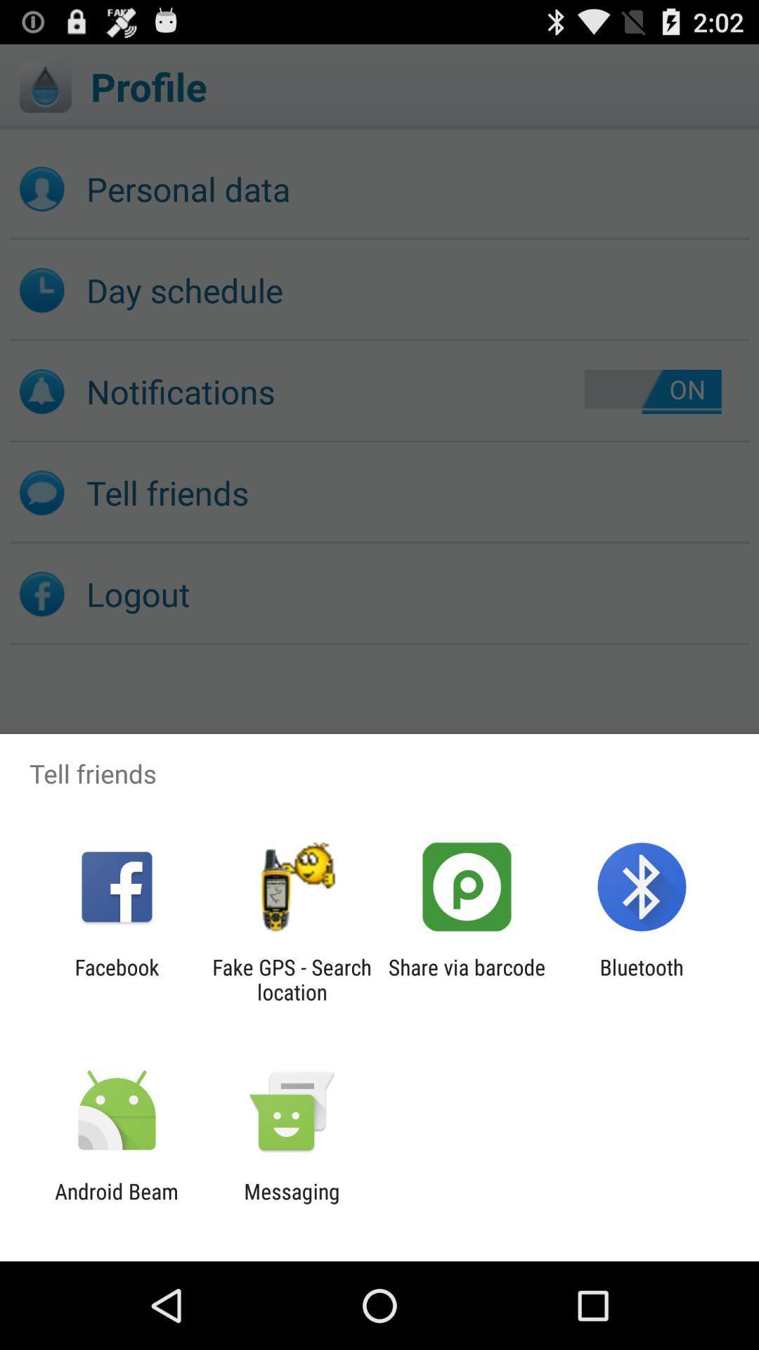 The height and width of the screenshot is (1350, 759). Describe the element at coordinates (467, 979) in the screenshot. I see `the share via barcode app` at that location.